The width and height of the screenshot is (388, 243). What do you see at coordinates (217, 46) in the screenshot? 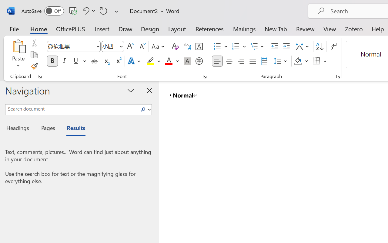
I see `'Bullets'` at bounding box center [217, 46].